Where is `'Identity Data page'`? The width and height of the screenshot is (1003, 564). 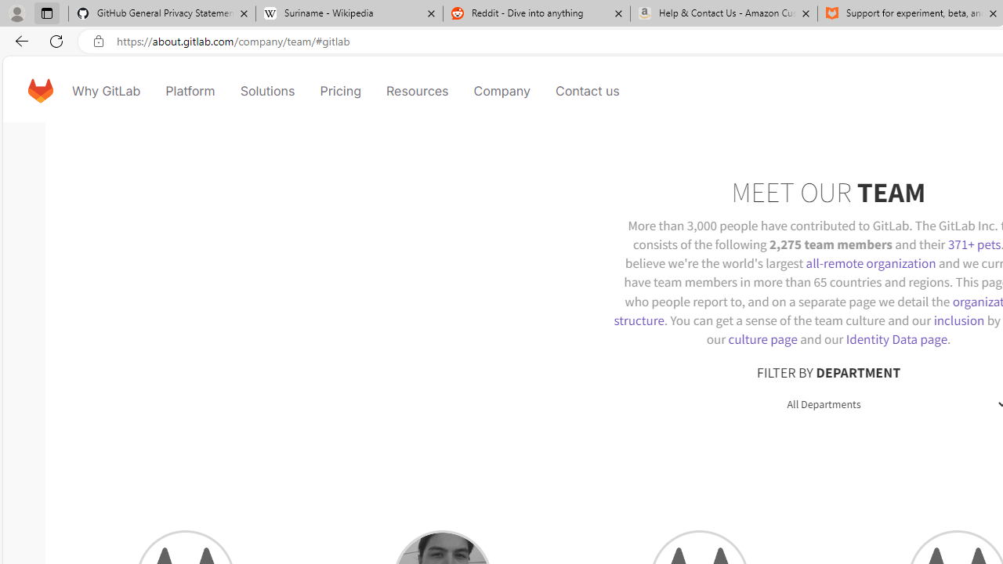 'Identity Data page' is located at coordinates (896, 338).